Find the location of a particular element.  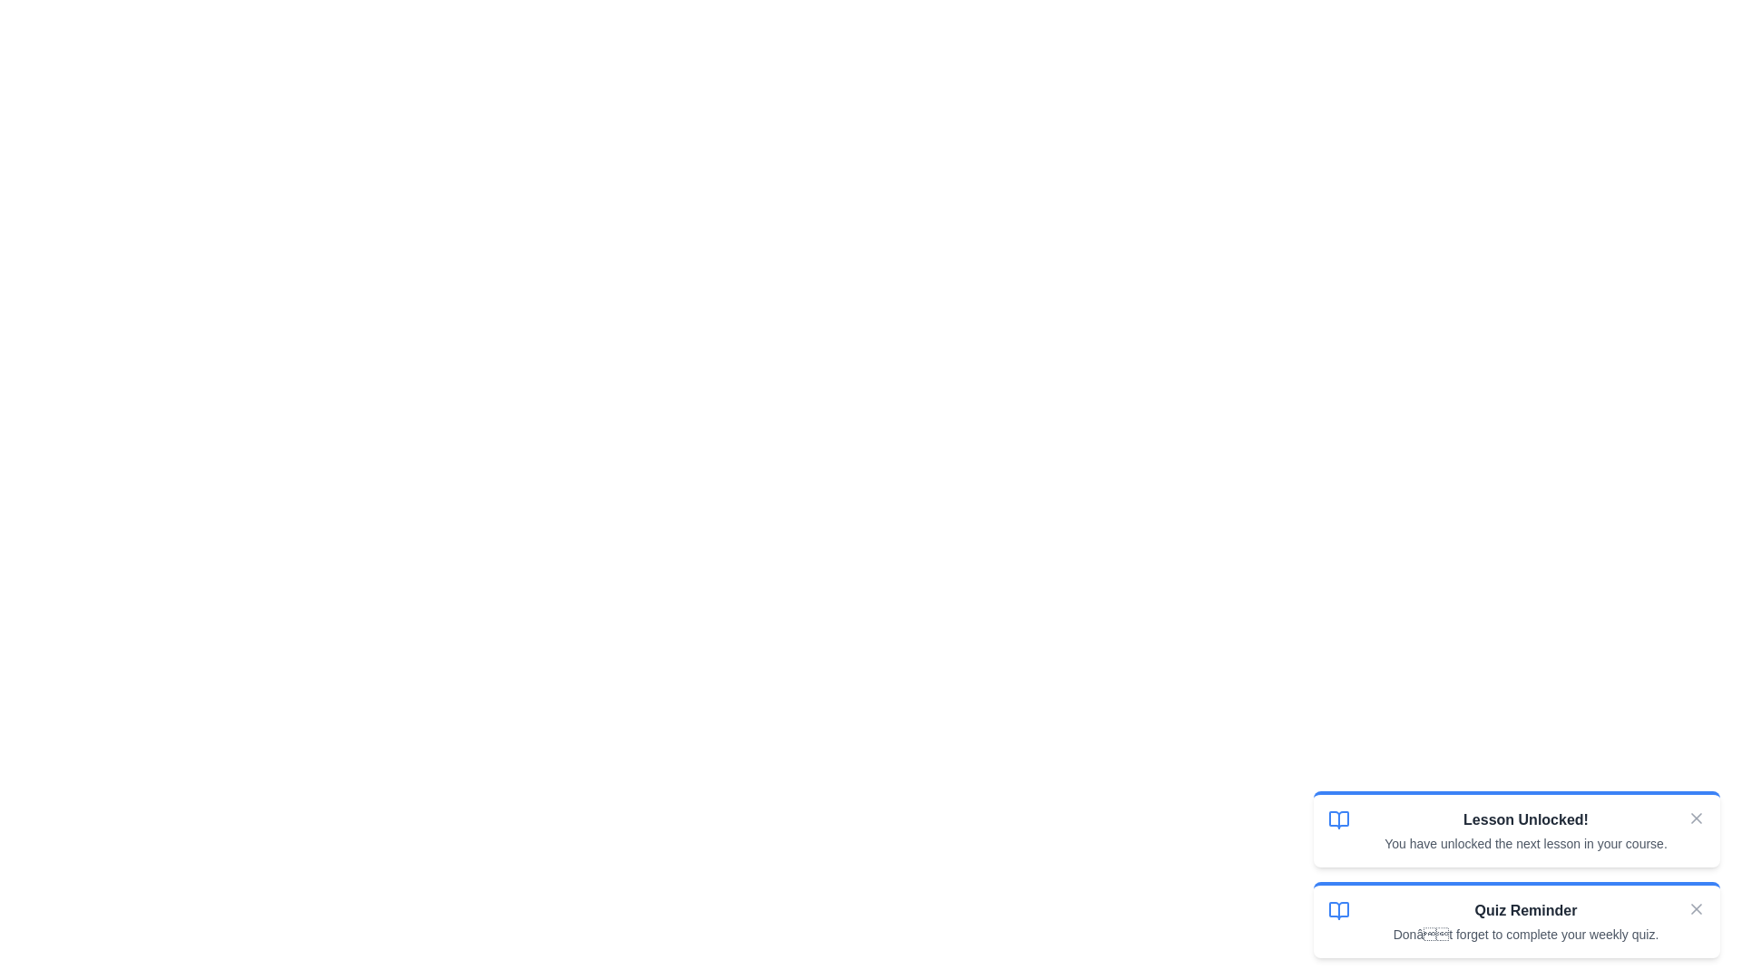

book icon to focus on the notification content for 2 is located at coordinates (1339, 910).